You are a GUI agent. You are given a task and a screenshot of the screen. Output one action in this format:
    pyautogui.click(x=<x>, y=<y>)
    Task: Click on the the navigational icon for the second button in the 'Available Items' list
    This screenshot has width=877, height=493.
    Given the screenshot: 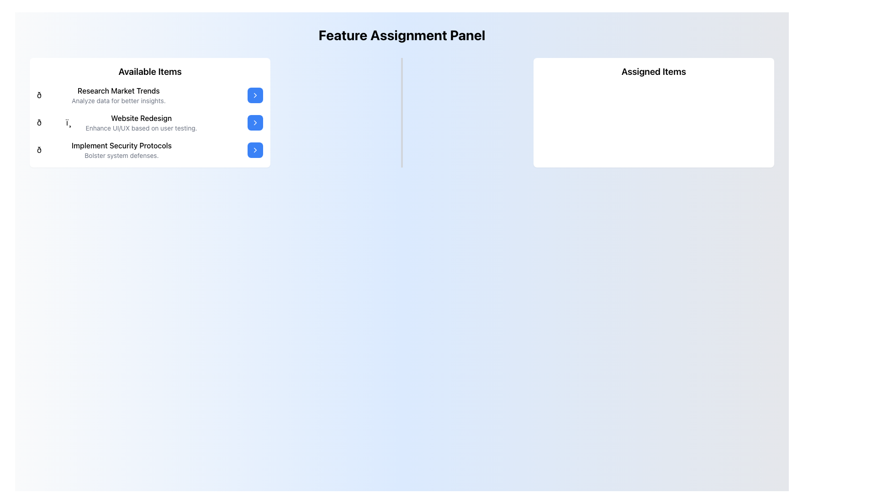 What is the action you would take?
    pyautogui.click(x=255, y=122)
    